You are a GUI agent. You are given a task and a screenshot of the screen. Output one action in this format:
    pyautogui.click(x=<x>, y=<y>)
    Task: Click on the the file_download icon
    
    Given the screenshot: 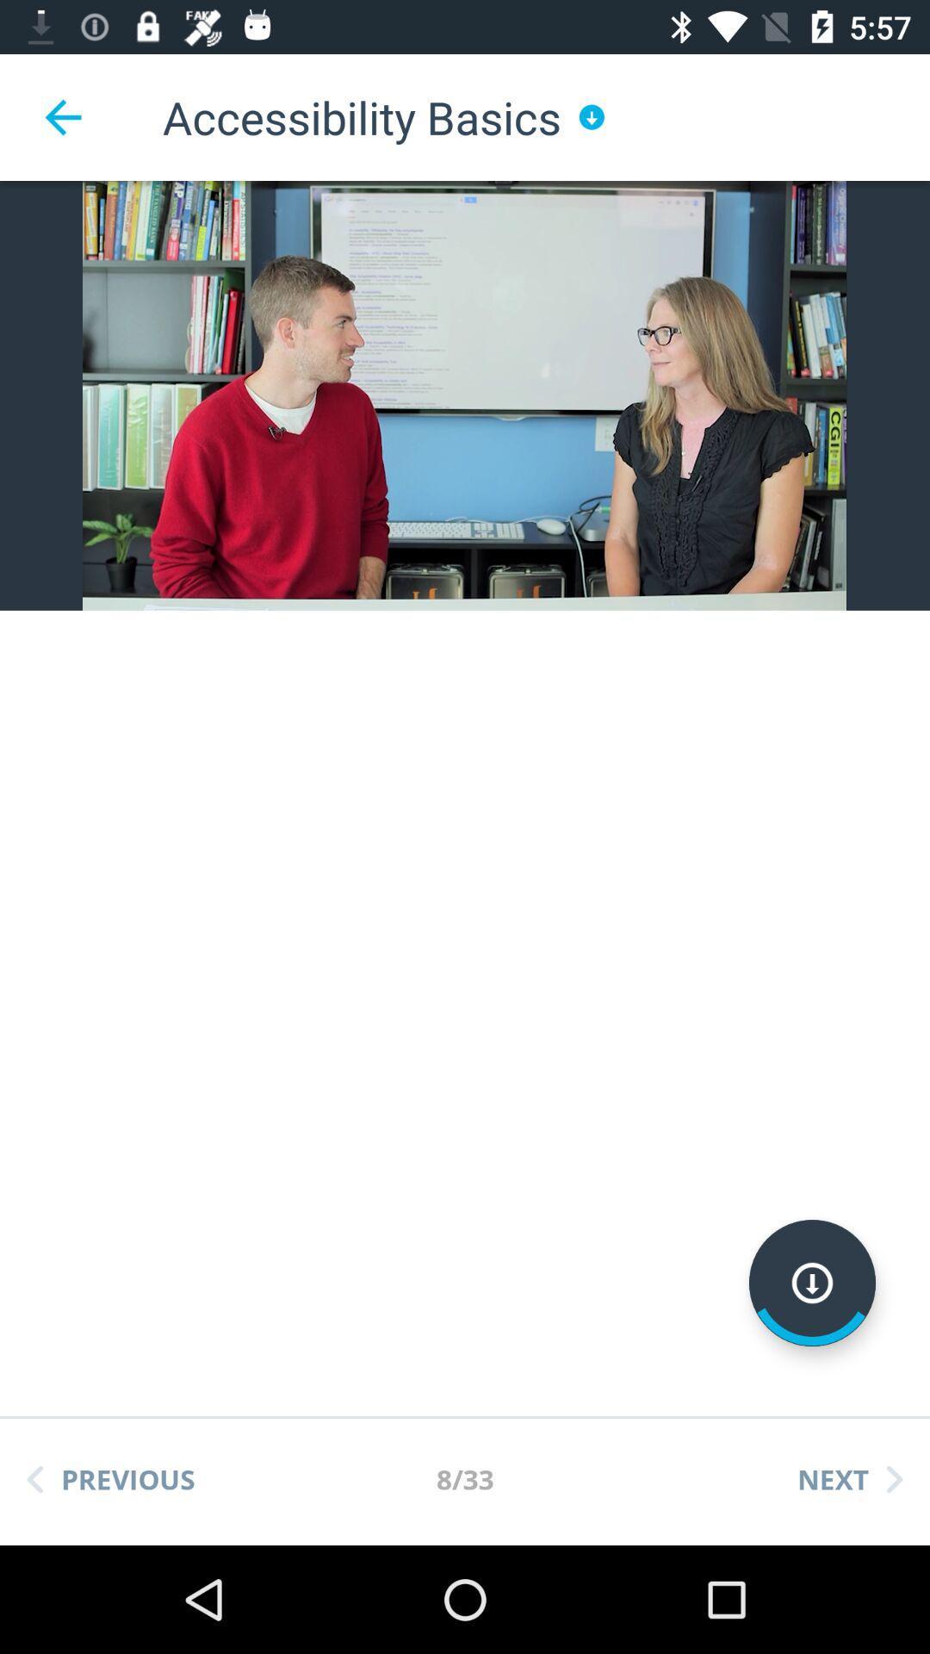 What is the action you would take?
    pyautogui.click(x=812, y=1283)
    